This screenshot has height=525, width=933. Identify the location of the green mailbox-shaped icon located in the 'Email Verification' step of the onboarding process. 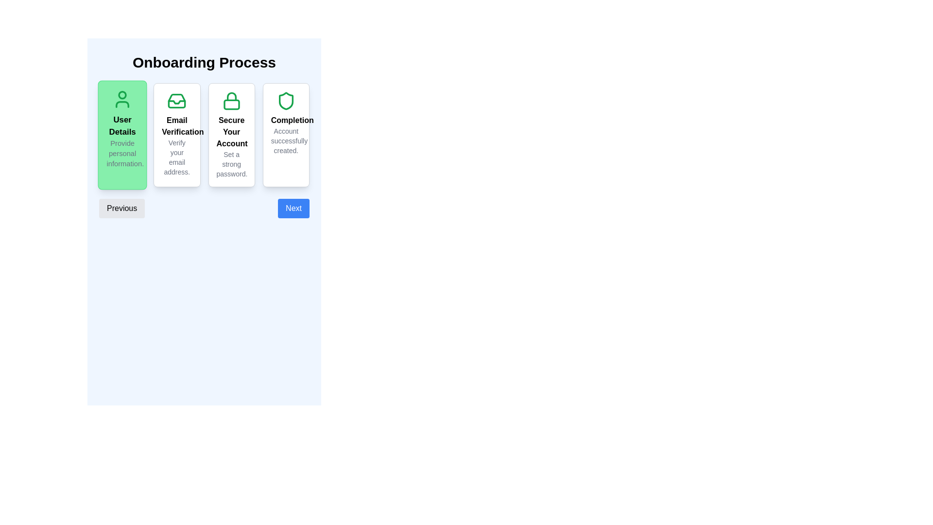
(177, 101).